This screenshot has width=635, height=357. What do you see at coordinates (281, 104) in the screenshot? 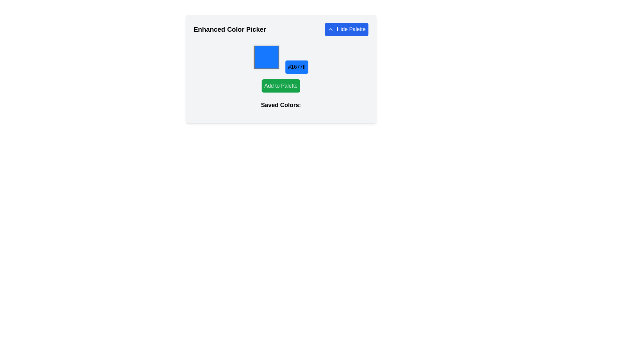
I see `the text label that serves as a heading for the section displaying saved colors, located near the lower part of the interface` at bounding box center [281, 104].